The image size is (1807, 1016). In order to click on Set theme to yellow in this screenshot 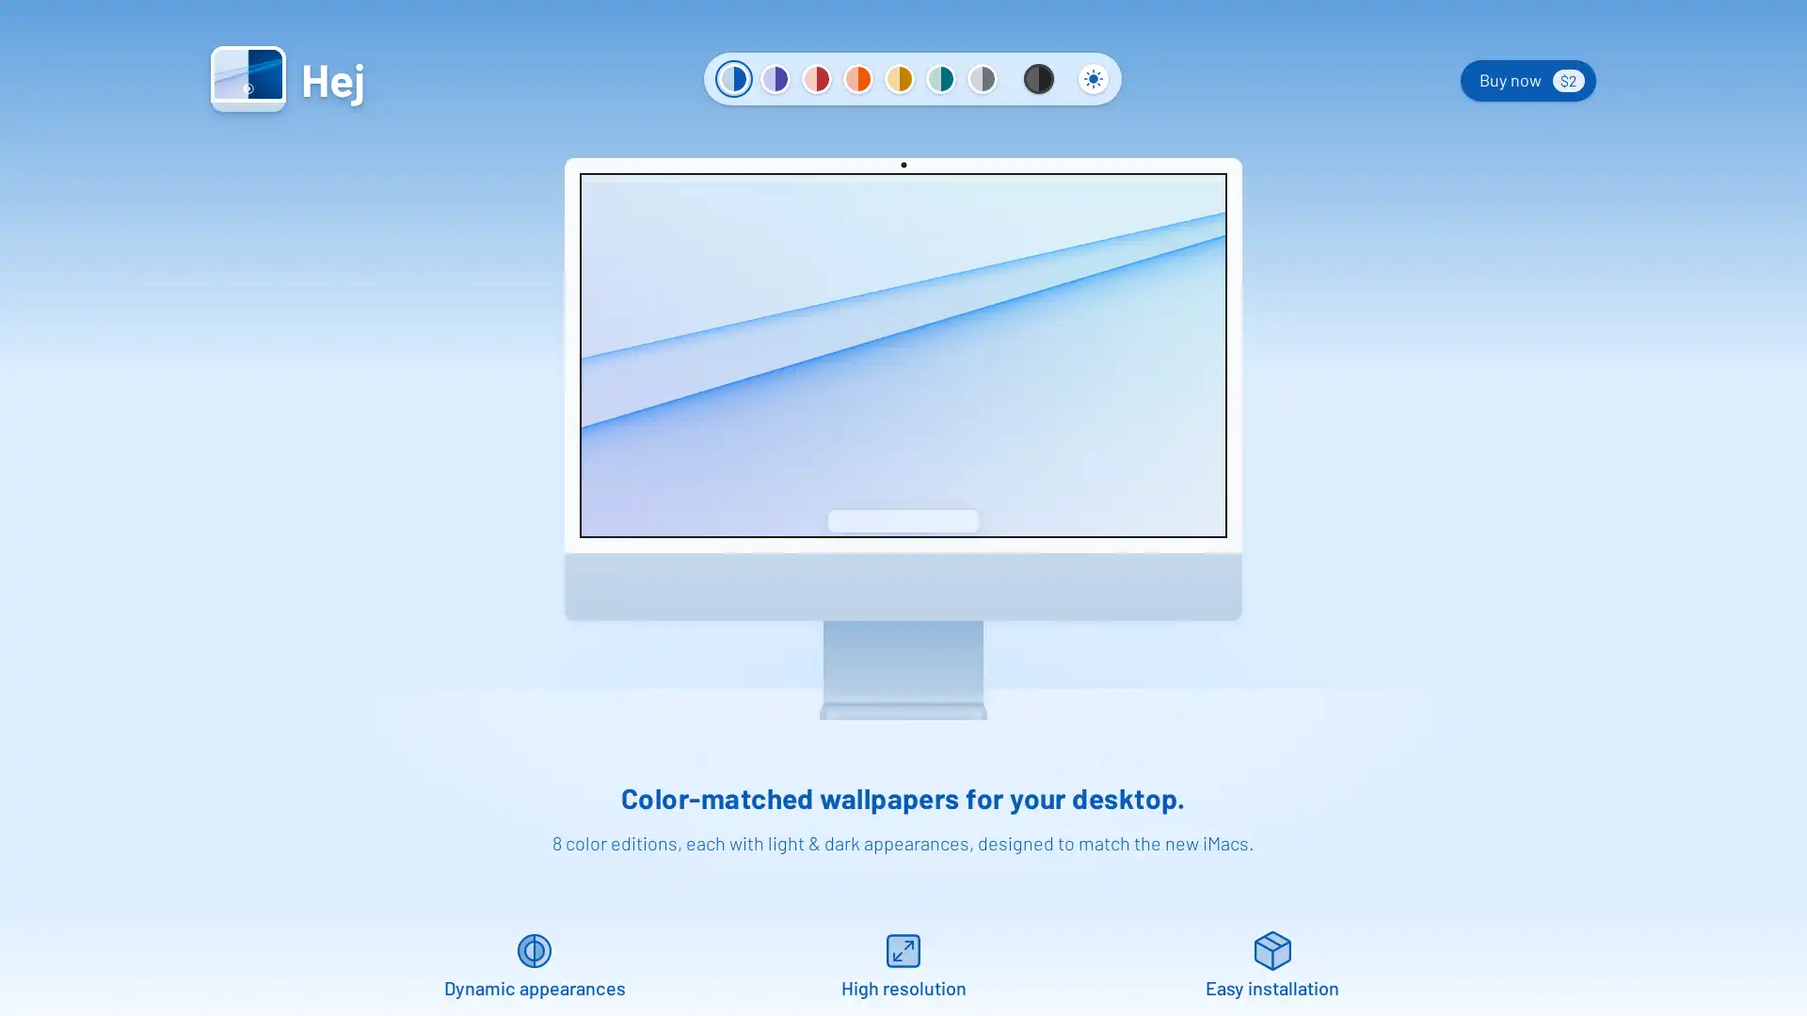, I will do `click(898, 78)`.